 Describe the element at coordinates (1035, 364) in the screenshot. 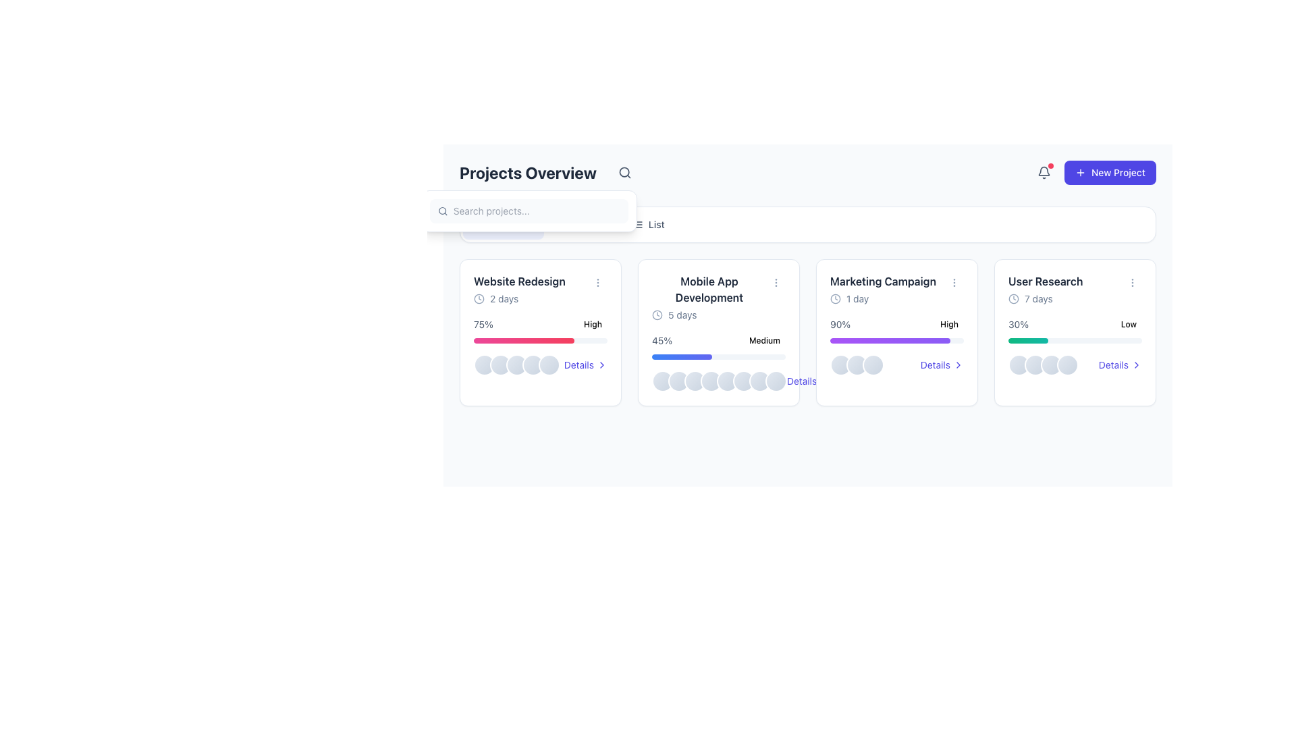

I see `the second circular icon with a gradient background and a white outline, located in the horizontally arranged group of icons near the bottom of the 'User Research' card` at that location.